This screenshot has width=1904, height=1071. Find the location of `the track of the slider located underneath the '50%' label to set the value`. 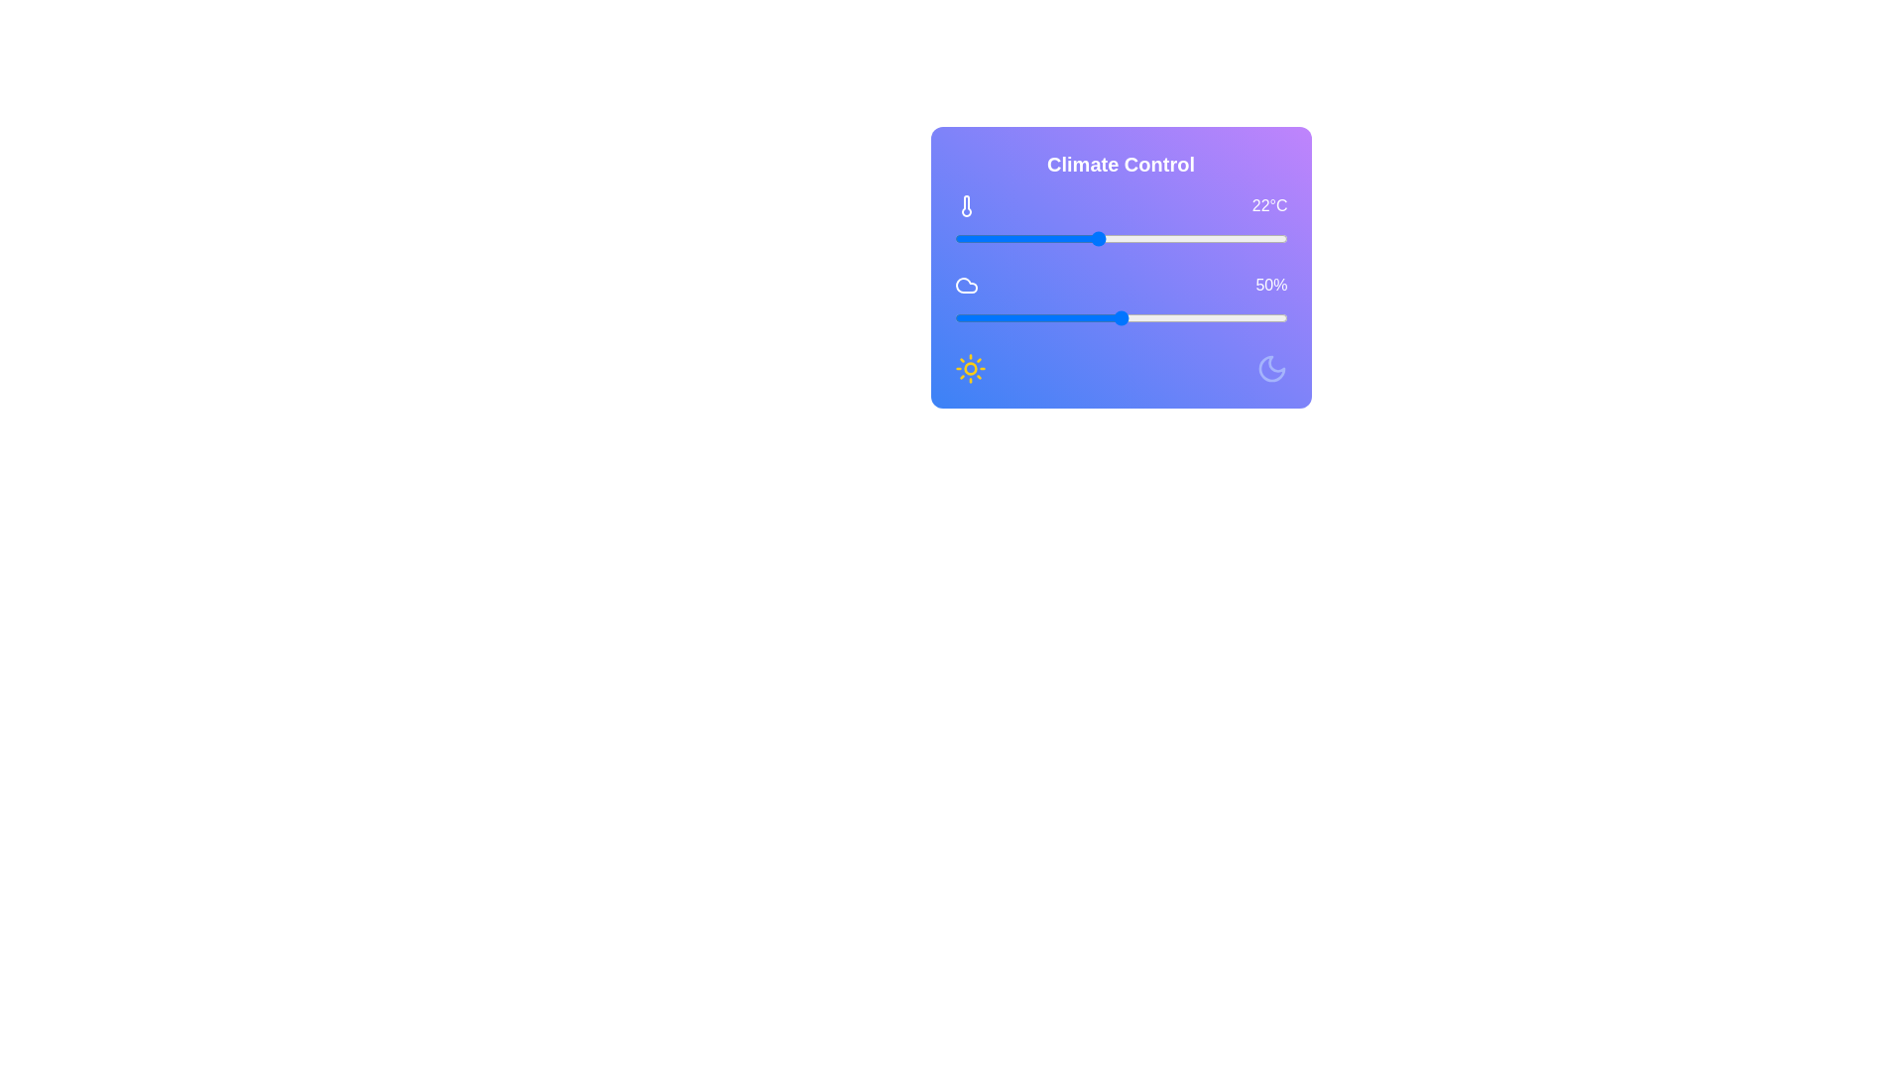

the track of the slider located underneath the '50%' label to set the value is located at coordinates (1121, 316).